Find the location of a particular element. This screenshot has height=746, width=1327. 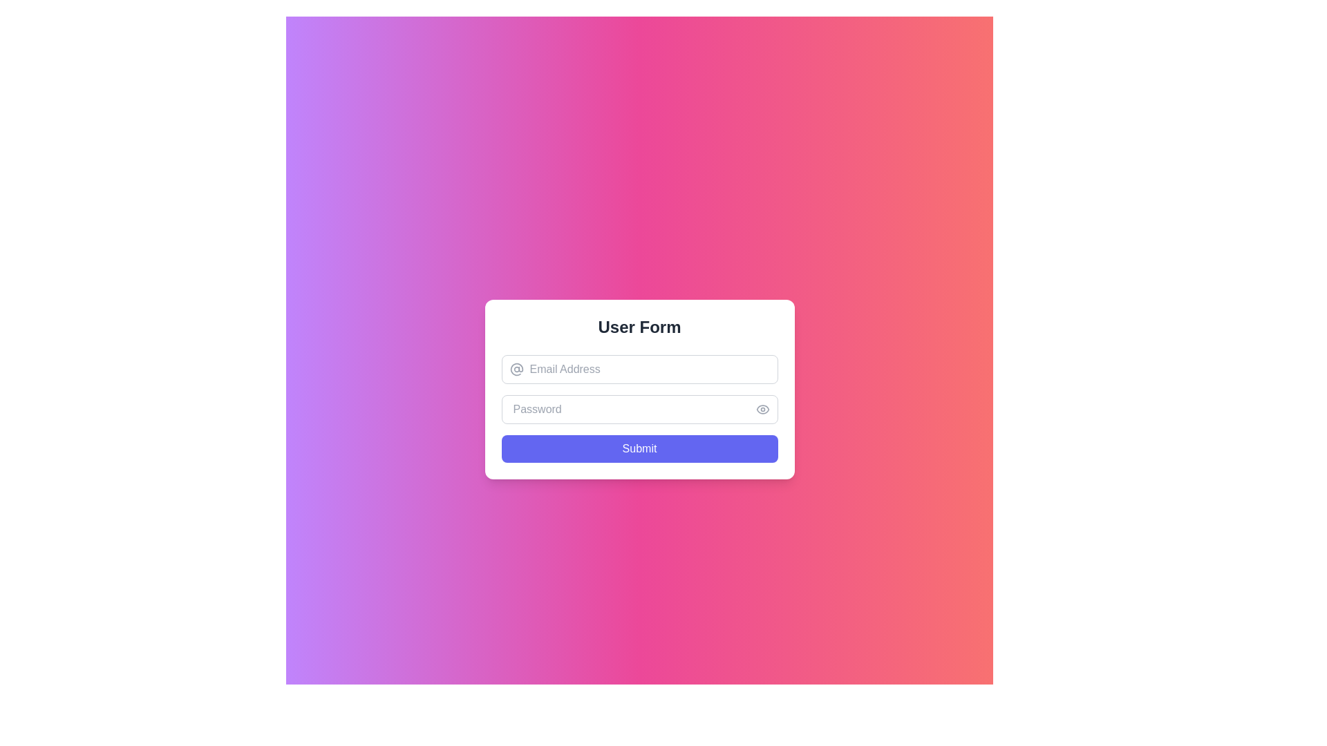

the outer elliptical line of the eye icon located to the right of the password input field is located at coordinates (762, 409).